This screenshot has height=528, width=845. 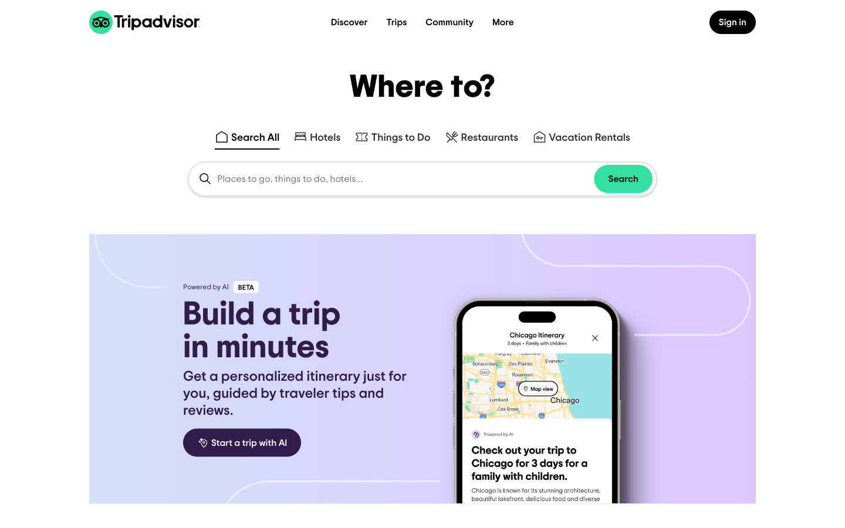 I want to click on Execute a search for Holiday Inn hotel branches, so click(x=316, y=132).